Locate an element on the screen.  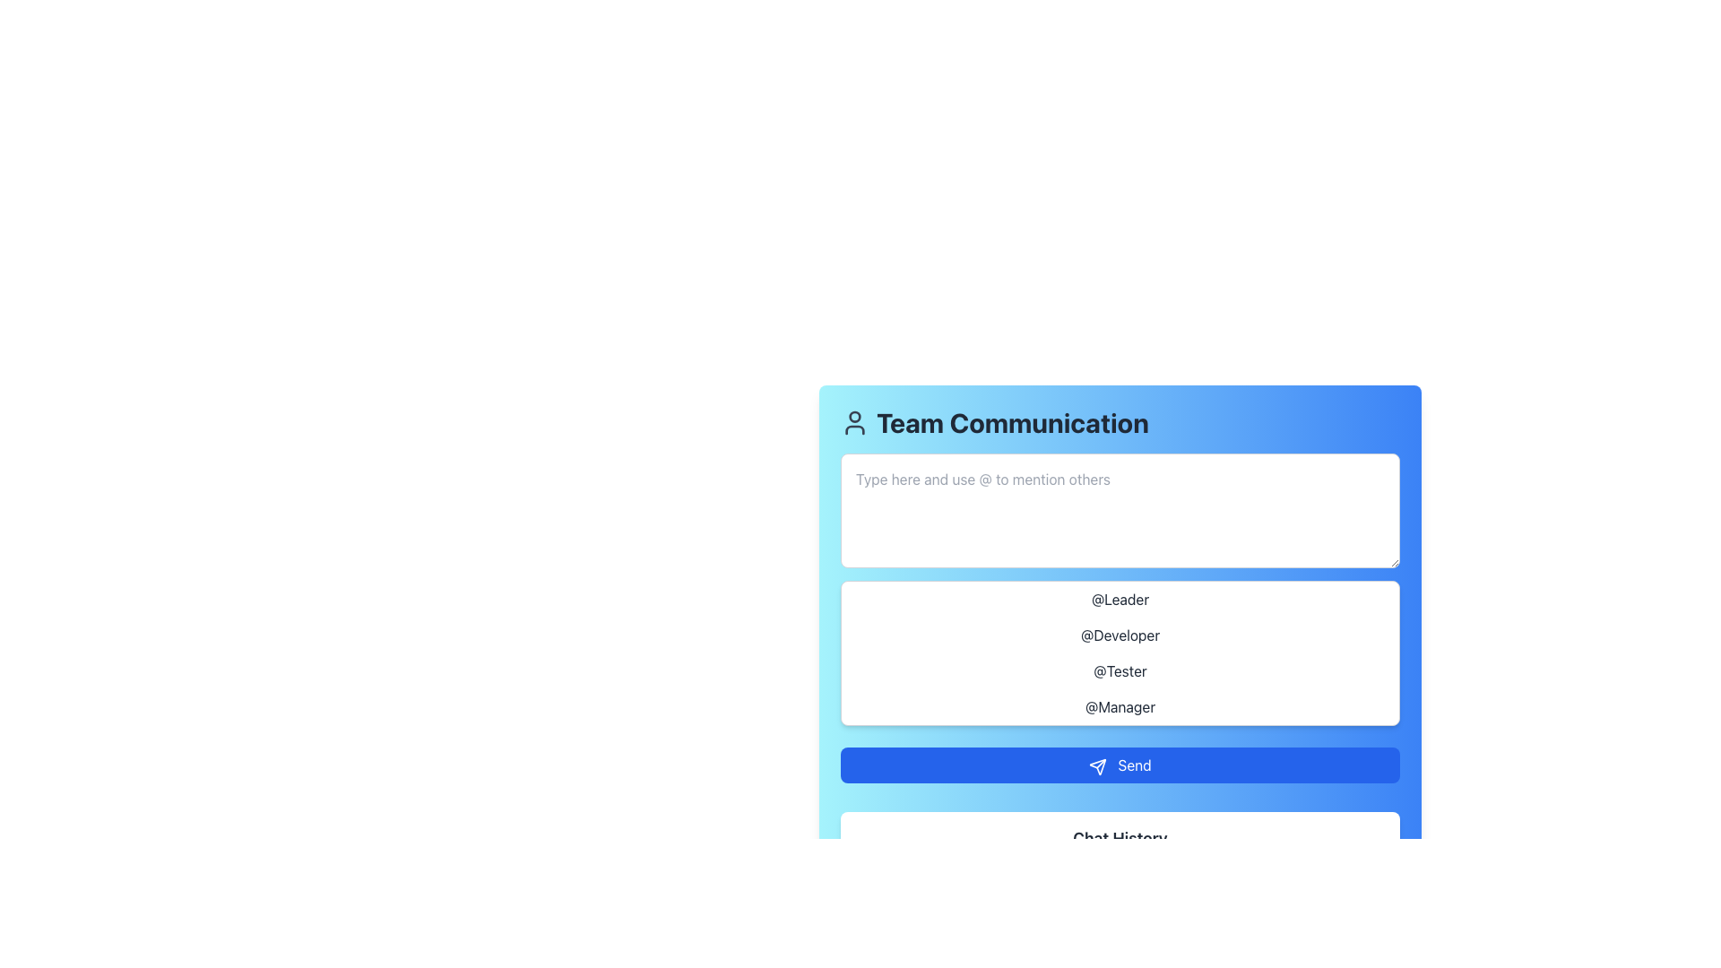
the triangular paper airplane icon located to the left of the 'Send' button, which is colored white and has sharp edges in a minimalistic design is located at coordinates (1097, 766).